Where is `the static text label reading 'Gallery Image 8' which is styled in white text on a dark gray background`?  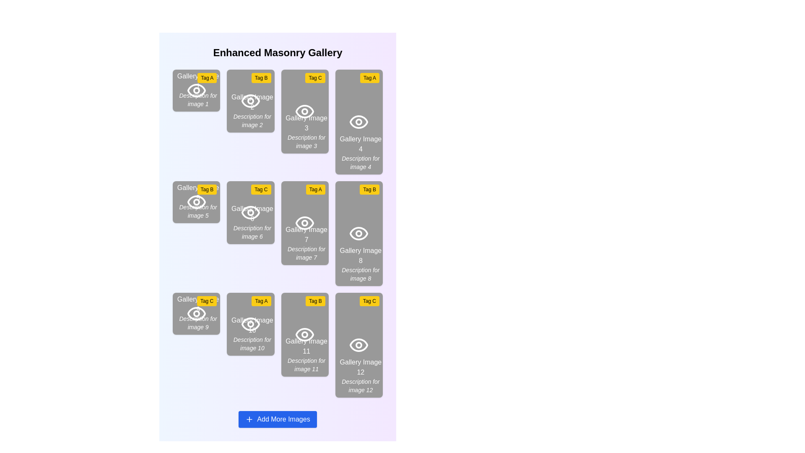 the static text label reading 'Gallery Image 8' which is styled in white text on a dark gray background is located at coordinates (361, 255).